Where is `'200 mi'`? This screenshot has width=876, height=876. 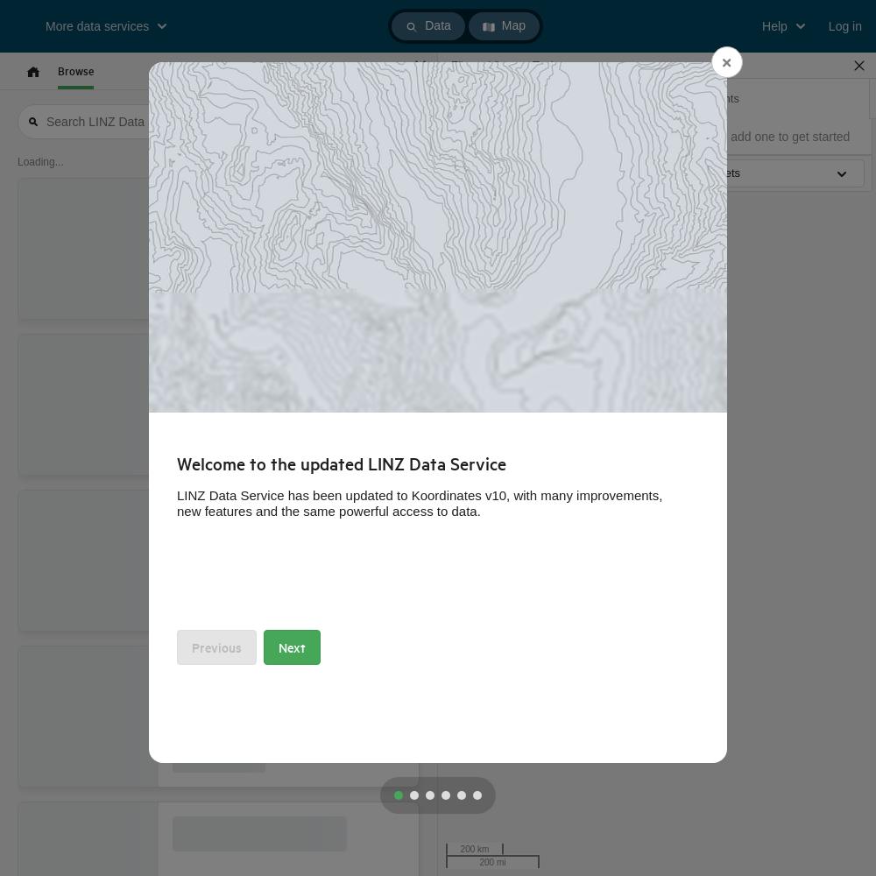 '200 mi' is located at coordinates (492, 861).